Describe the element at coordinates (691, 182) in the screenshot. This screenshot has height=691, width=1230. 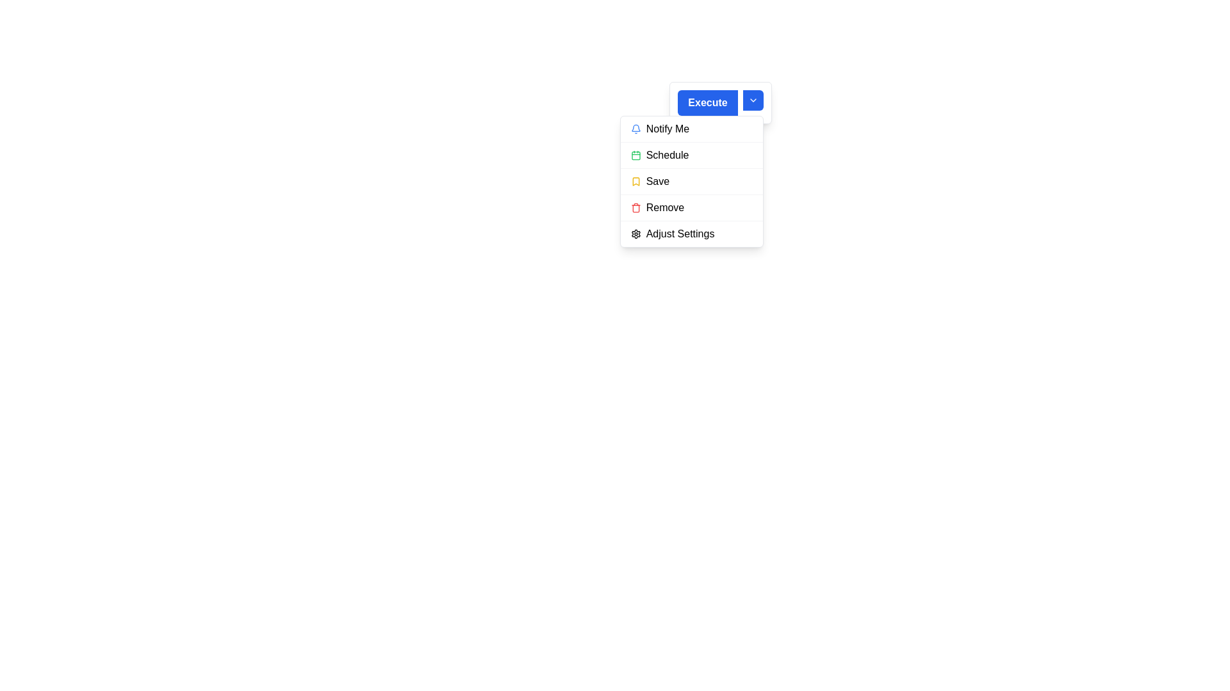
I see `the third item in the dropdown menu located below the 'Execute' button` at that location.